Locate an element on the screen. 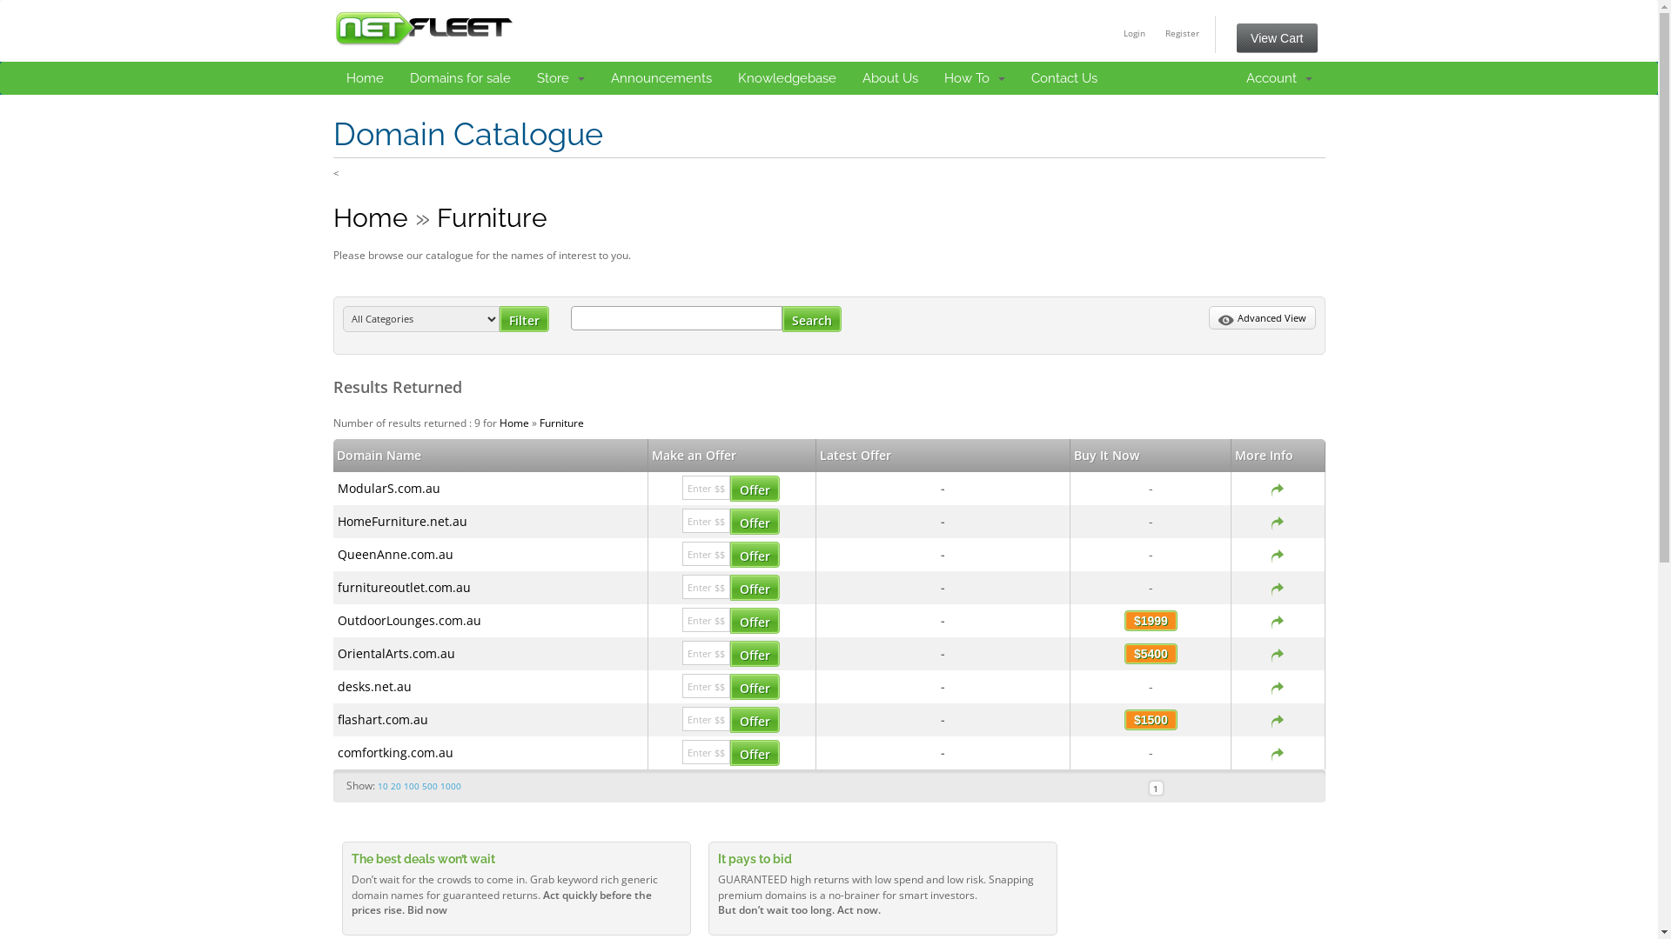 This screenshot has width=1671, height=939. 'Account  ' is located at coordinates (1278, 77).